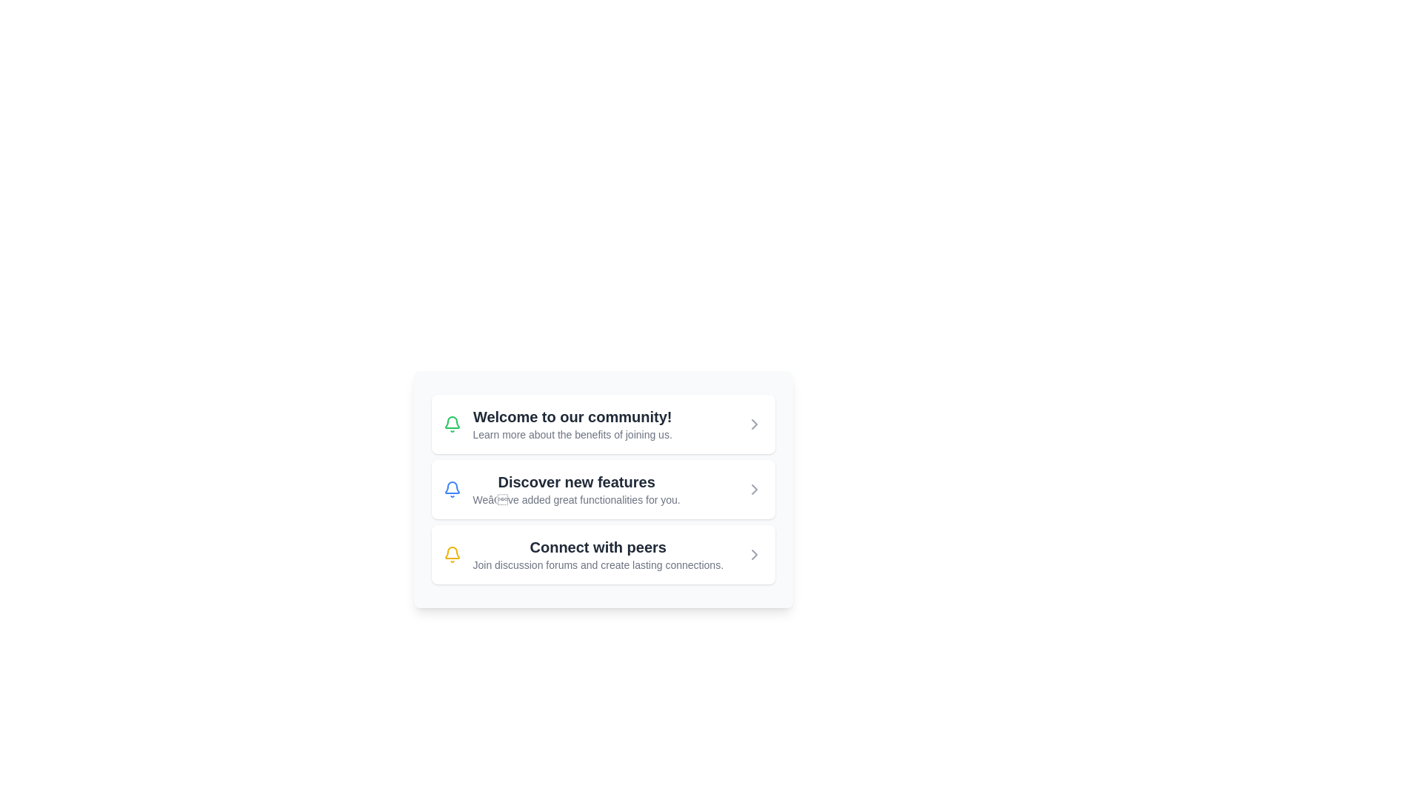  What do you see at coordinates (598, 554) in the screenshot?
I see `the informative text block that provides guidance about connecting with others through forums, which is the third entry in a vertically arranged list of items` at bounding box center [598, 554].